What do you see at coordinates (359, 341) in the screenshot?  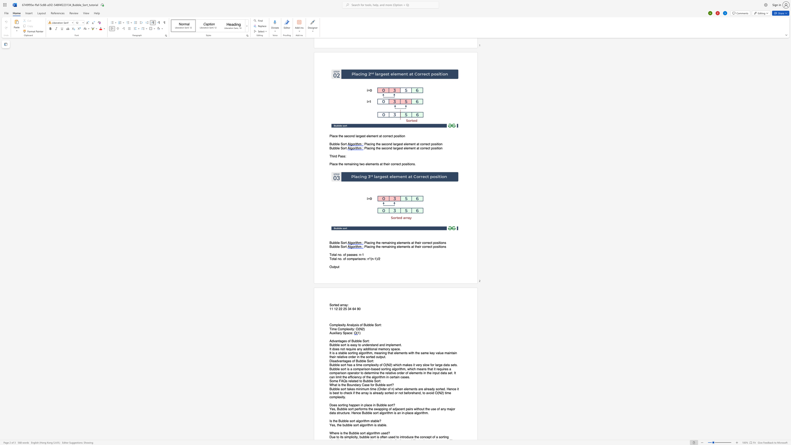 I see `the space between the continuous character "b" and "l" in the text` at bounding box center [359, 341].